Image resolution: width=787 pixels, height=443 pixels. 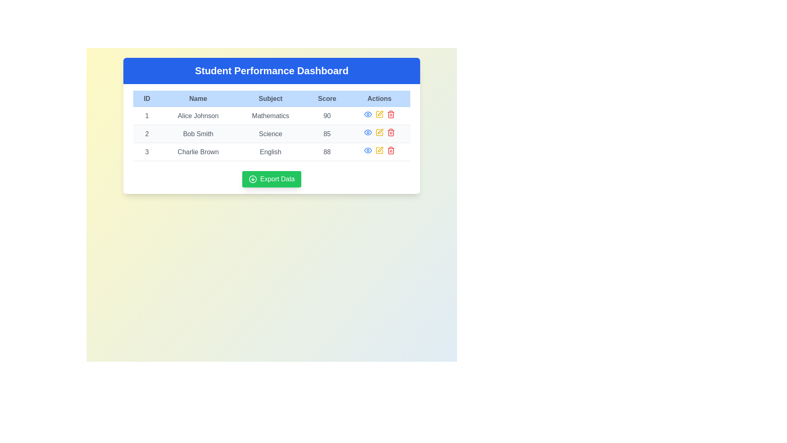 I want to click on the 'Score' column header in the data table, which is the fourth column from the left, located between the 'Subject' and 'Actions' columns, within the 'Student Performance Dashboard', so click(x=327, y=98).